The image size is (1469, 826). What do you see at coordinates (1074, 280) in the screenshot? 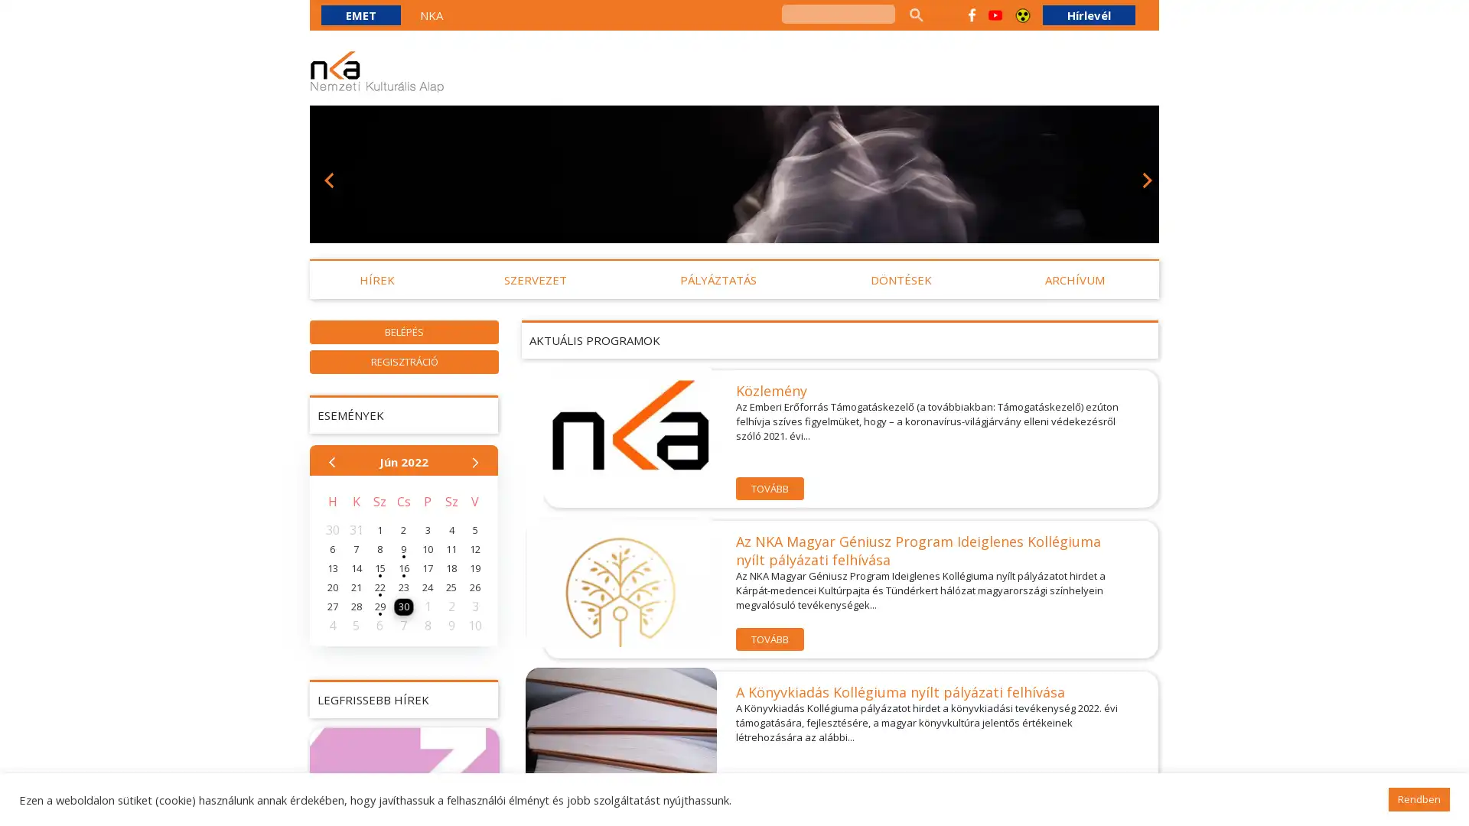
I see `ARCHIVUM` at bounding box center [1074, 280].